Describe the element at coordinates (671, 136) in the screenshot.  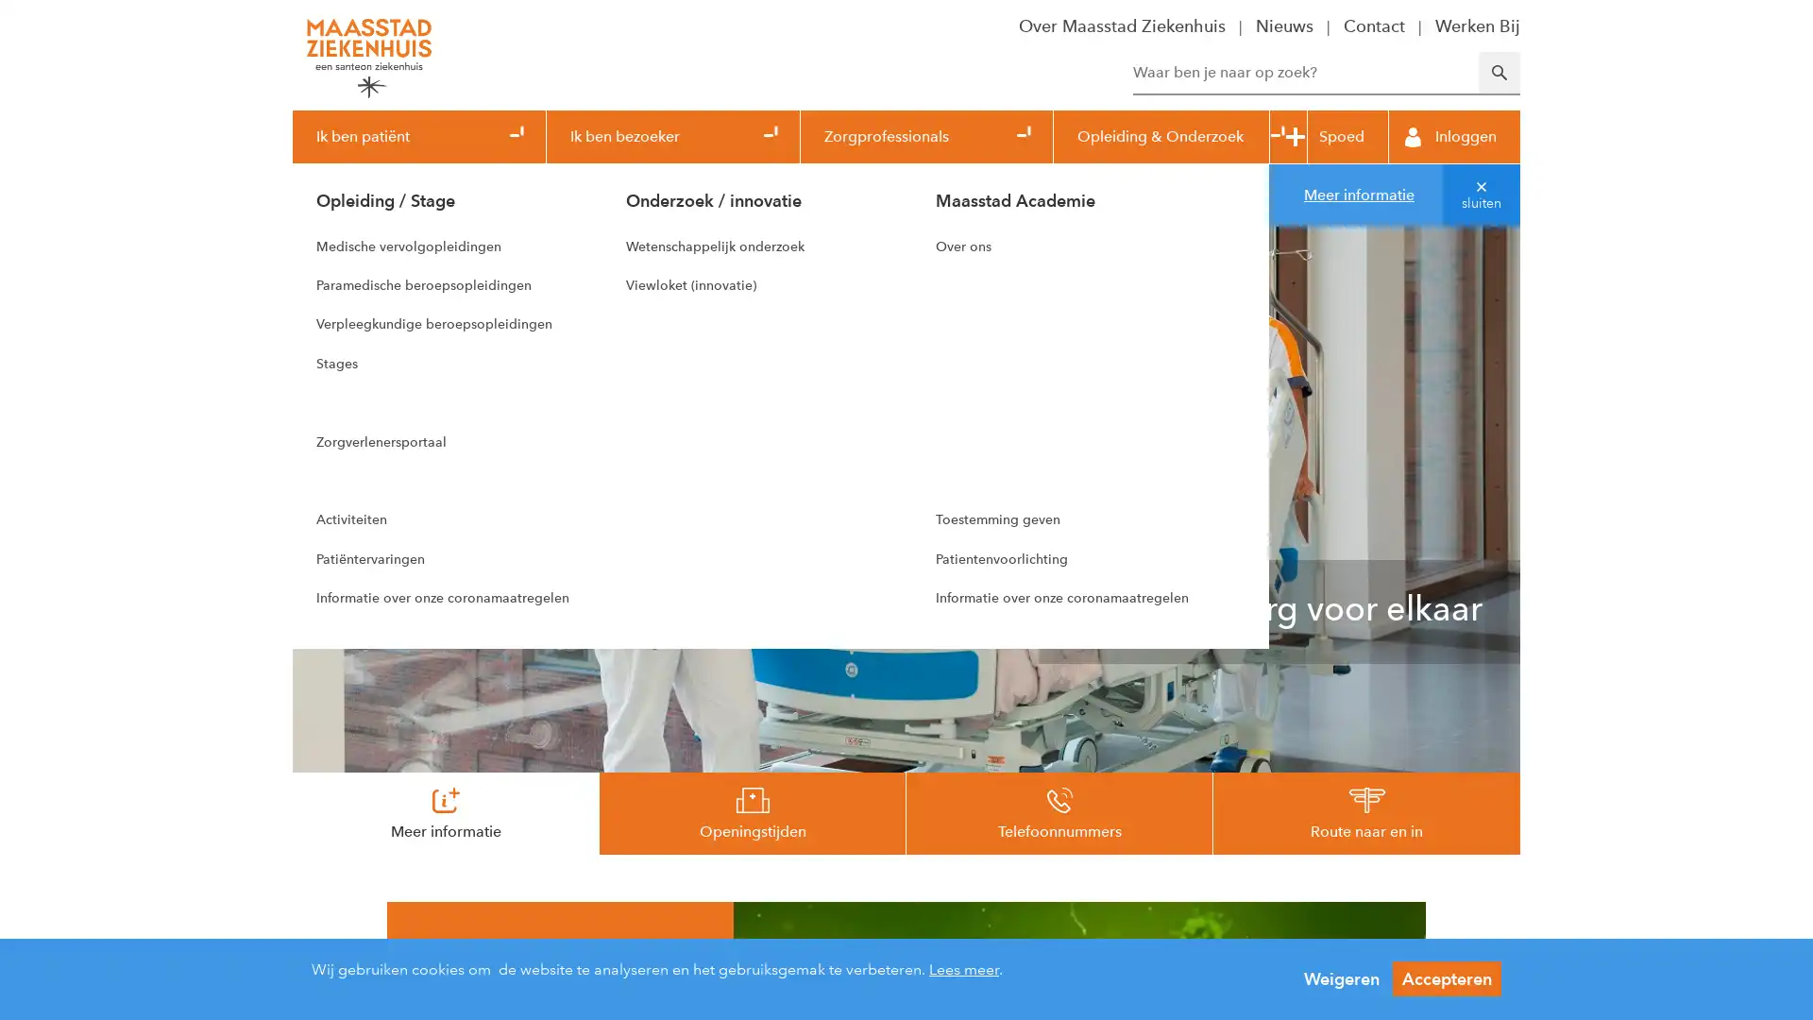
I see `Ik ben bezoeker` at that location.